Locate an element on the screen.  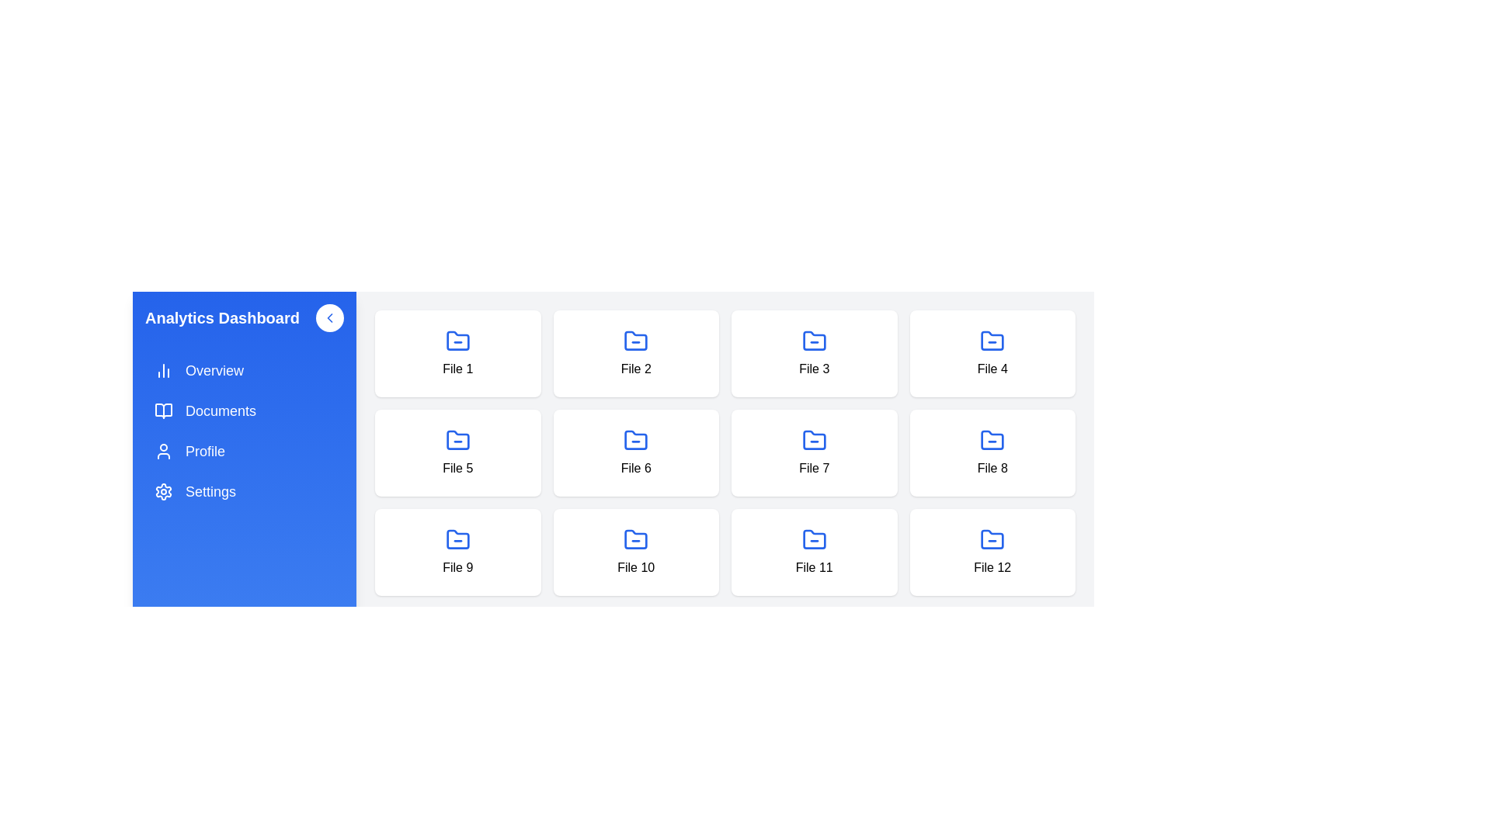
the toggle button in the sidebar to toggle its visibility is located at coordinates (329, 317).